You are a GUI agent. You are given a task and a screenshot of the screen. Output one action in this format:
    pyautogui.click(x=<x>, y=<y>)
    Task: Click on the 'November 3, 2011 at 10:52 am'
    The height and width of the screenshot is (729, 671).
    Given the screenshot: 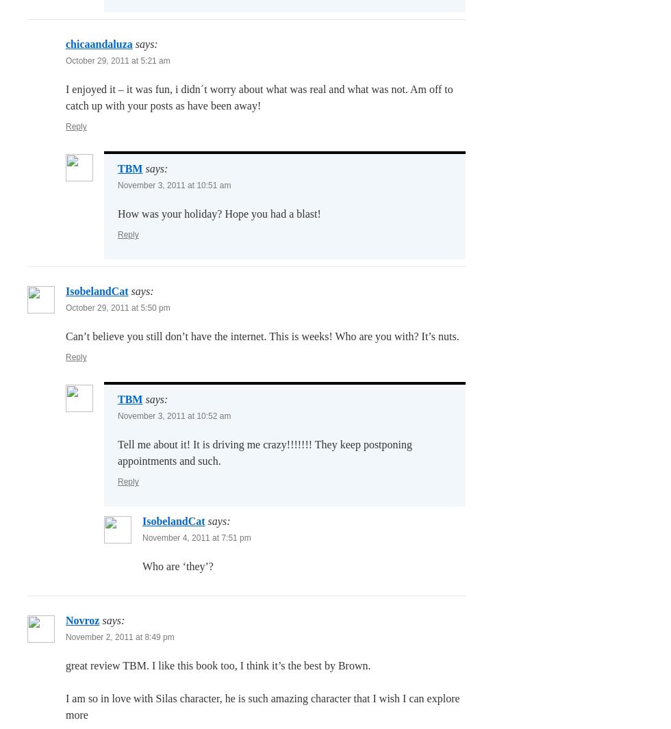 What is the action you would take?
    pyautogui.click(x=174, y=416)
    